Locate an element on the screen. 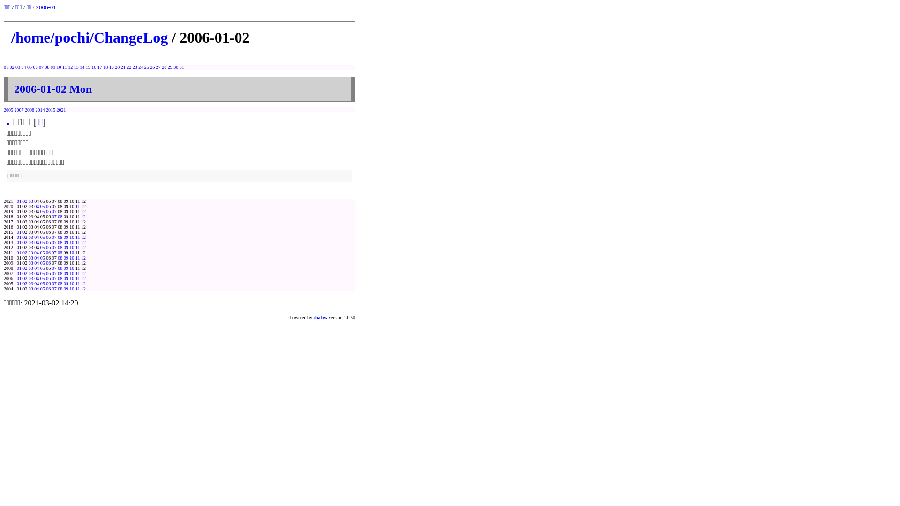 The image size is (900, 506). '07' is located at coordinates (53, 247).